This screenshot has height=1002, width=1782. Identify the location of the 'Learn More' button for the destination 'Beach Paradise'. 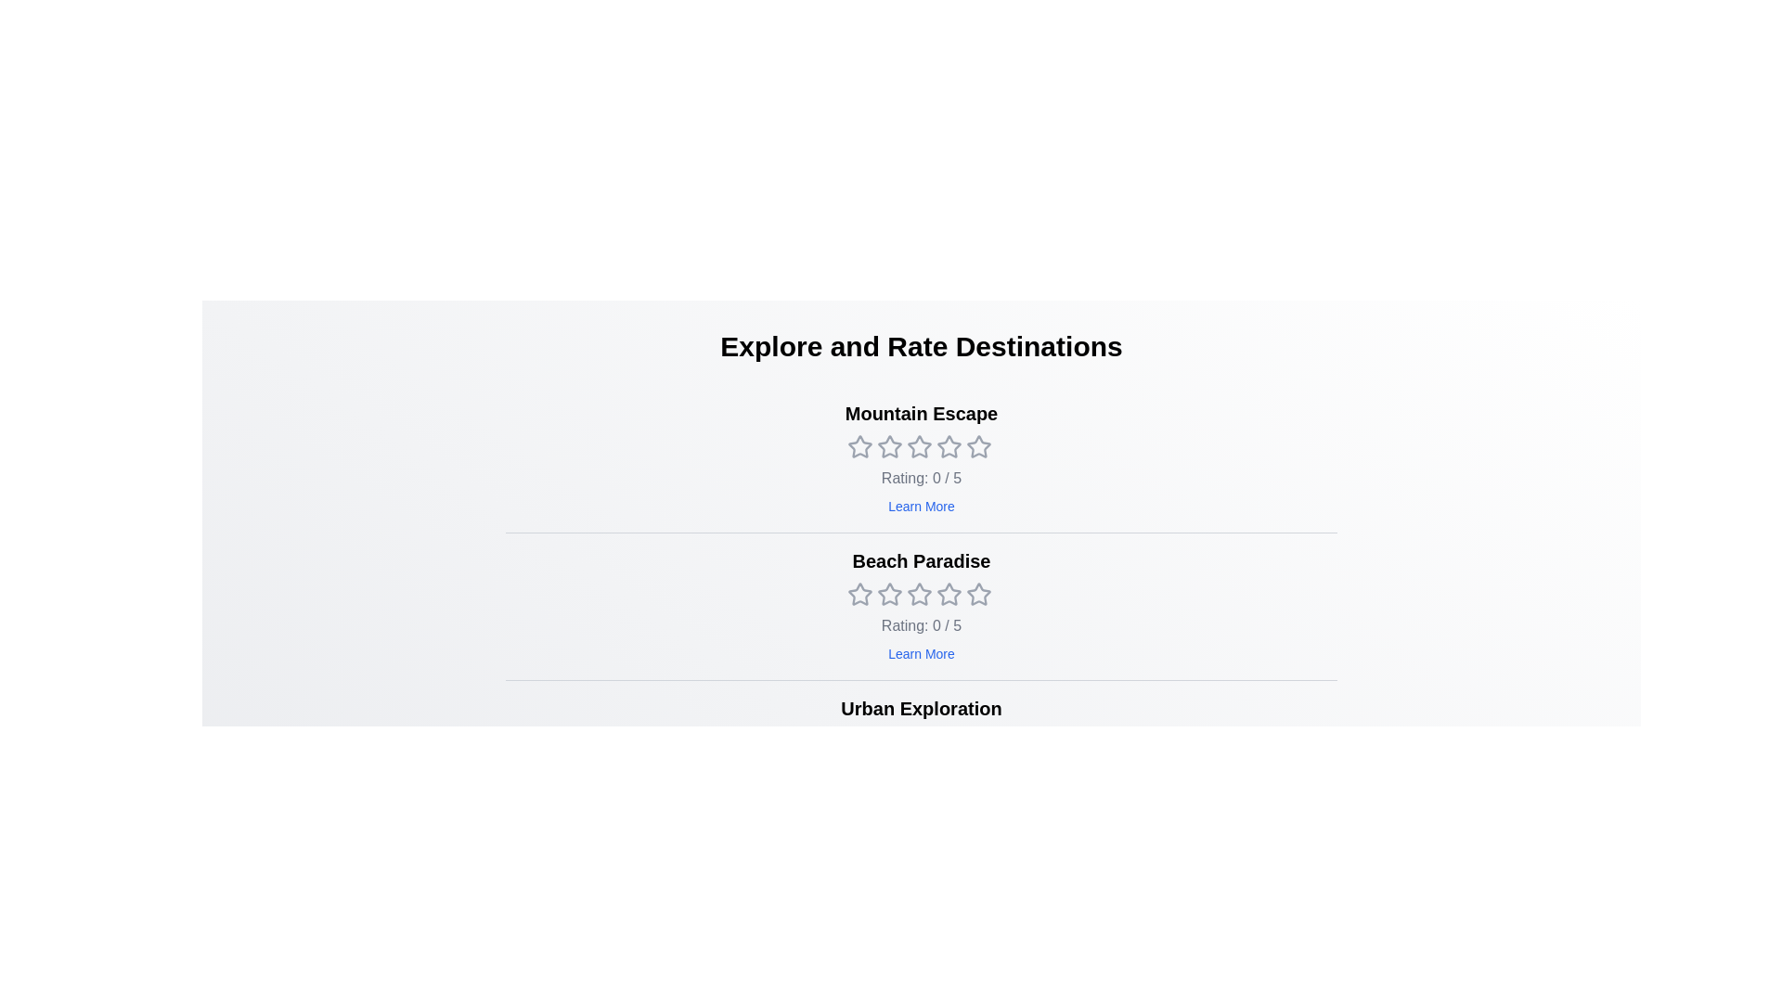
(922, 653).